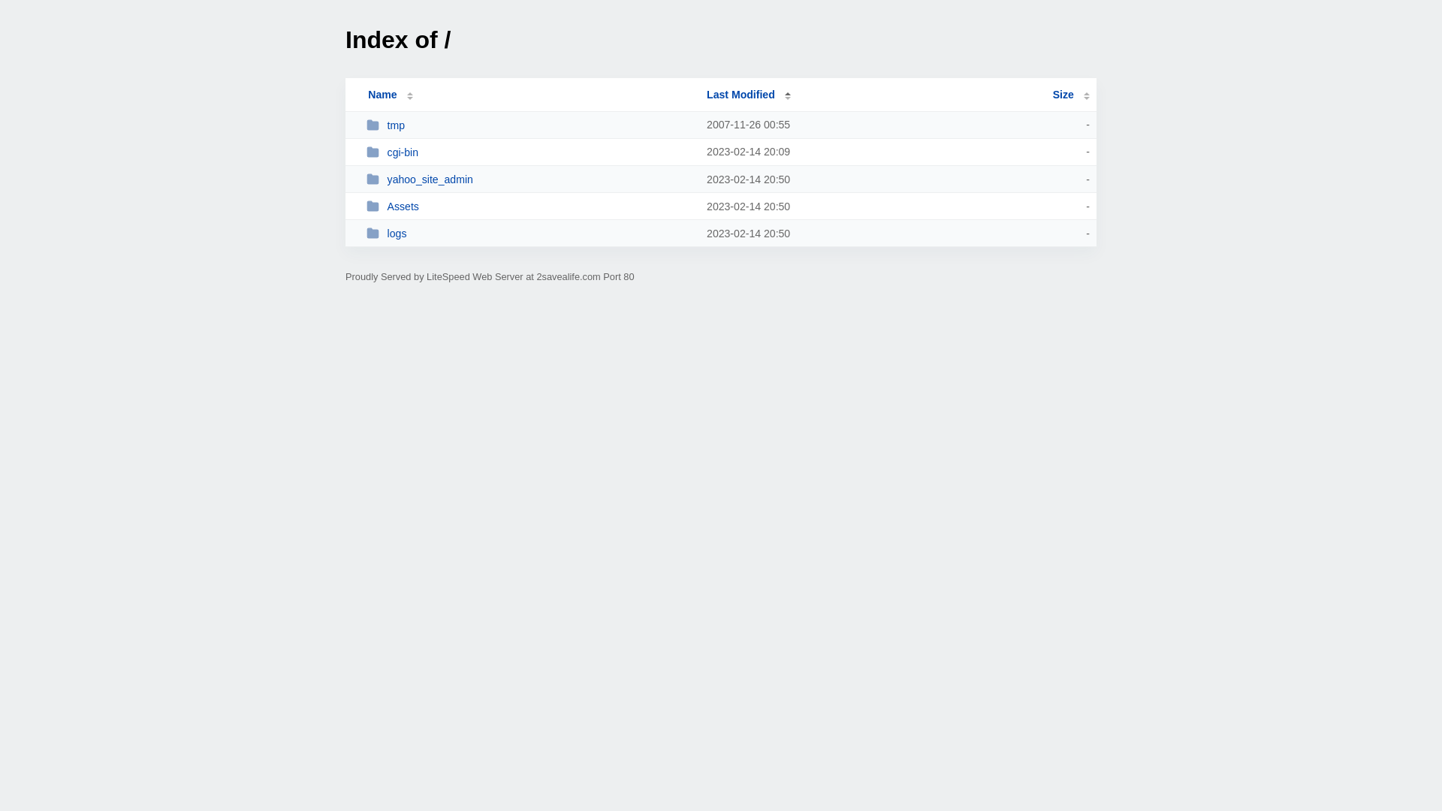 This screenshot has width=1442, height=811. Describe the element at coordinates (529, 178) in the screenshot. I see `'yahoo_site_admin'` at that location.